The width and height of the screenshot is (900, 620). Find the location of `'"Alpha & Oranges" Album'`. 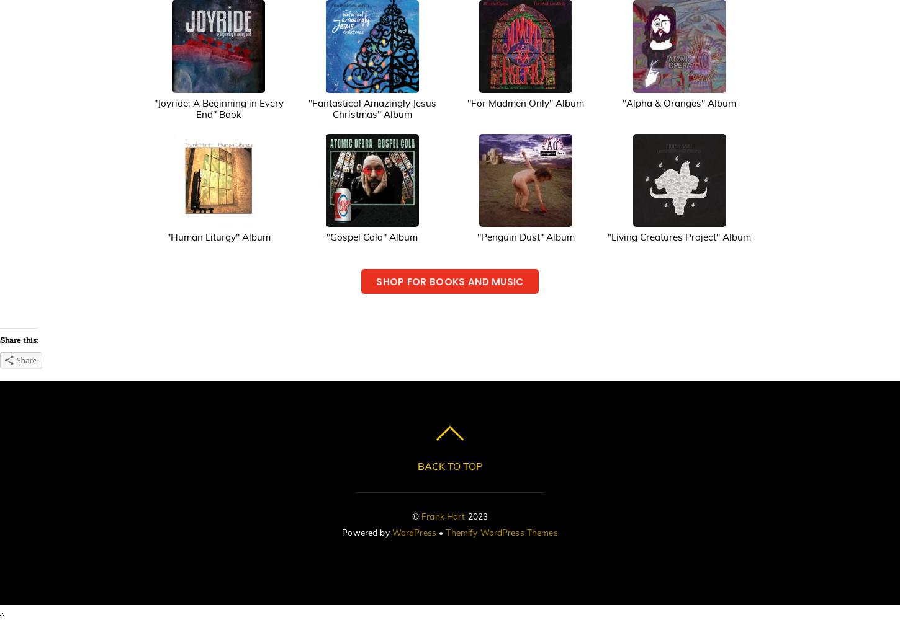

'"Alpha & Oranges" Album' is located at coordinates (678, 102).